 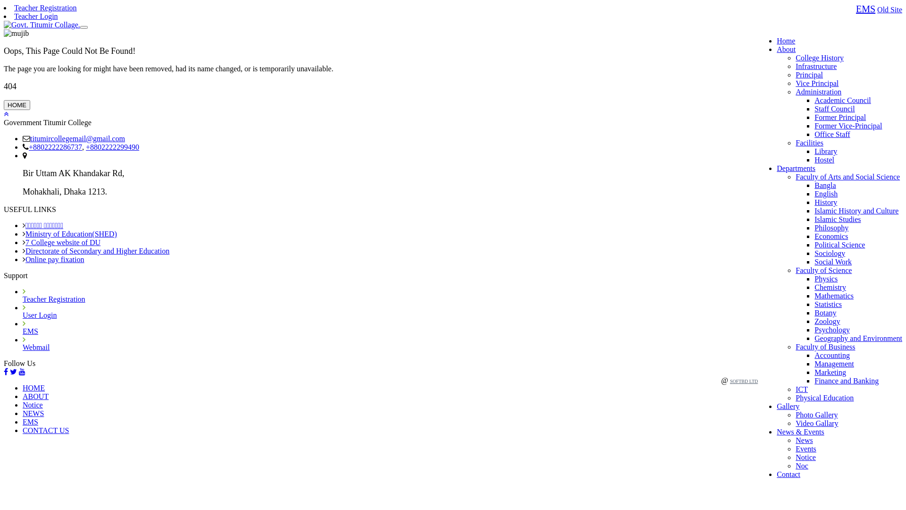 I want to click on 'Chemistry', so click(x=830, y=287).